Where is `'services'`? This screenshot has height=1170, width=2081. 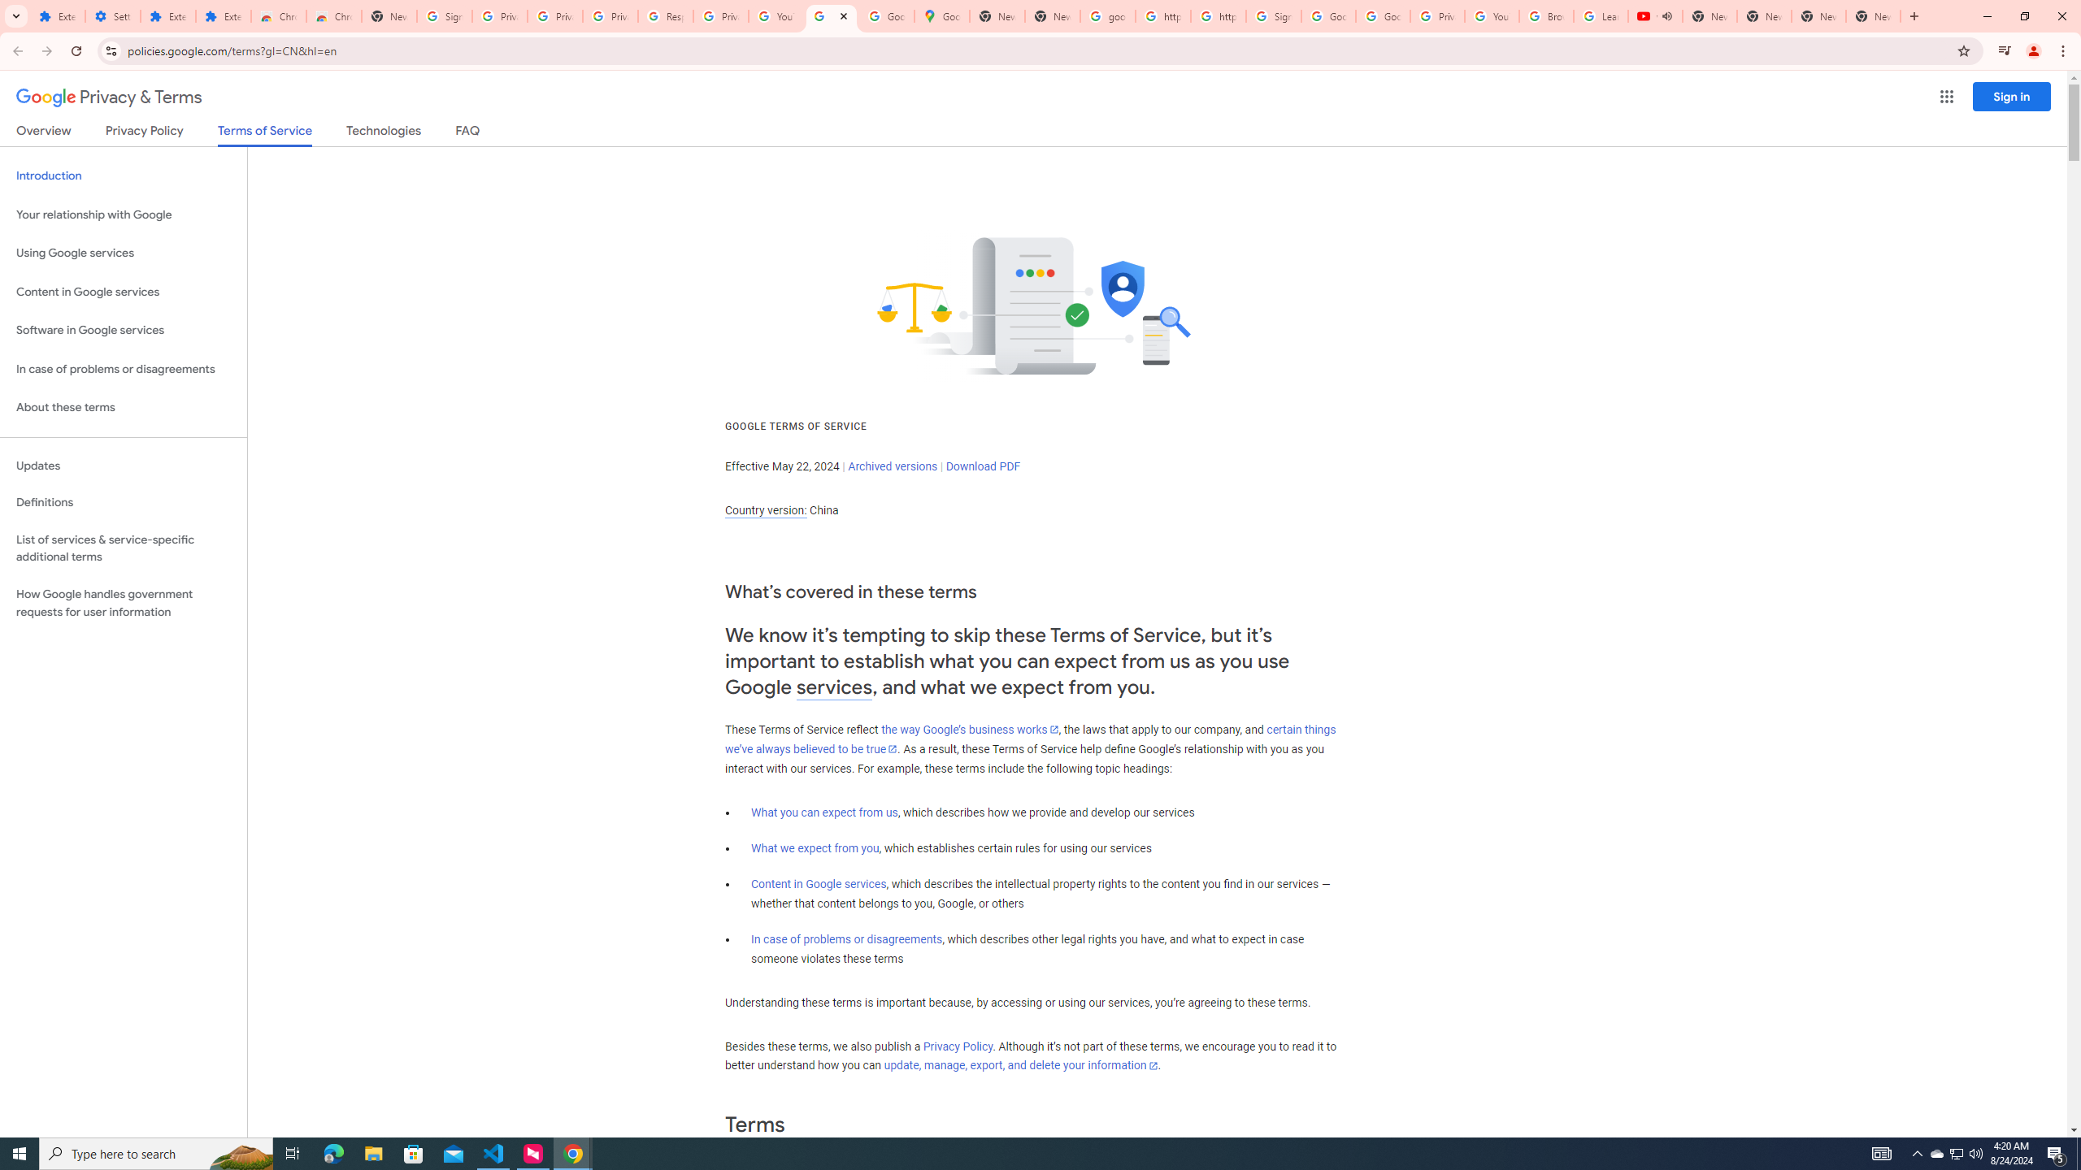
'services' is located at coordinates (834, 687).